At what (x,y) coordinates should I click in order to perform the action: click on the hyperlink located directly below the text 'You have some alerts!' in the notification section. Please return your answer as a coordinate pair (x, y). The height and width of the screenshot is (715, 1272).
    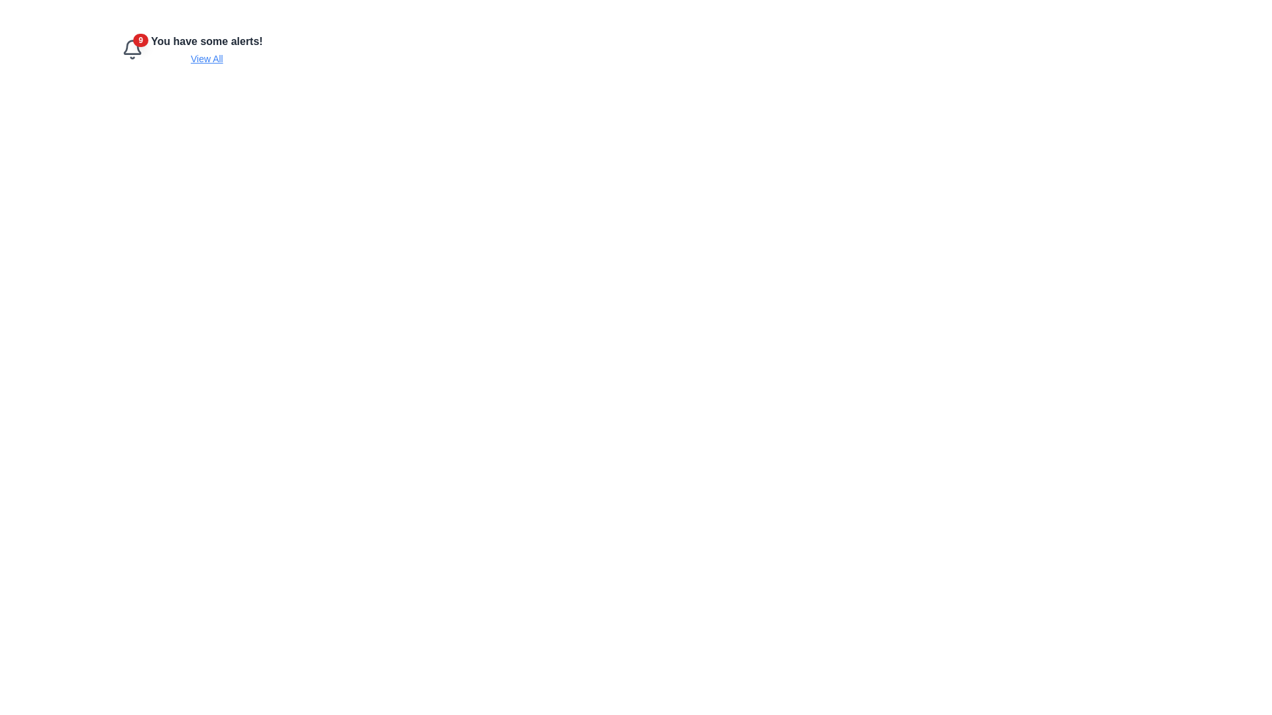
    Looking at the image, I should click on (206, 58).